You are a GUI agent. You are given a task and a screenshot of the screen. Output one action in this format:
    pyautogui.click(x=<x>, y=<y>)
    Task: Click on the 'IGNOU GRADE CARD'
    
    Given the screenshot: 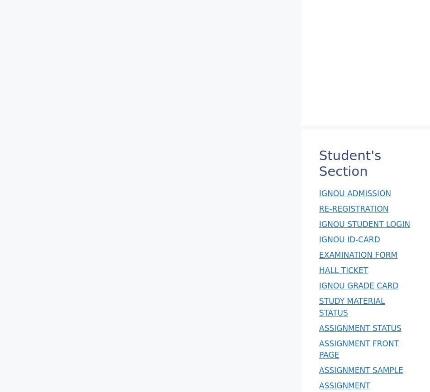 What is the action you would take?
    pyautogui.click(x=358, y=285)
    